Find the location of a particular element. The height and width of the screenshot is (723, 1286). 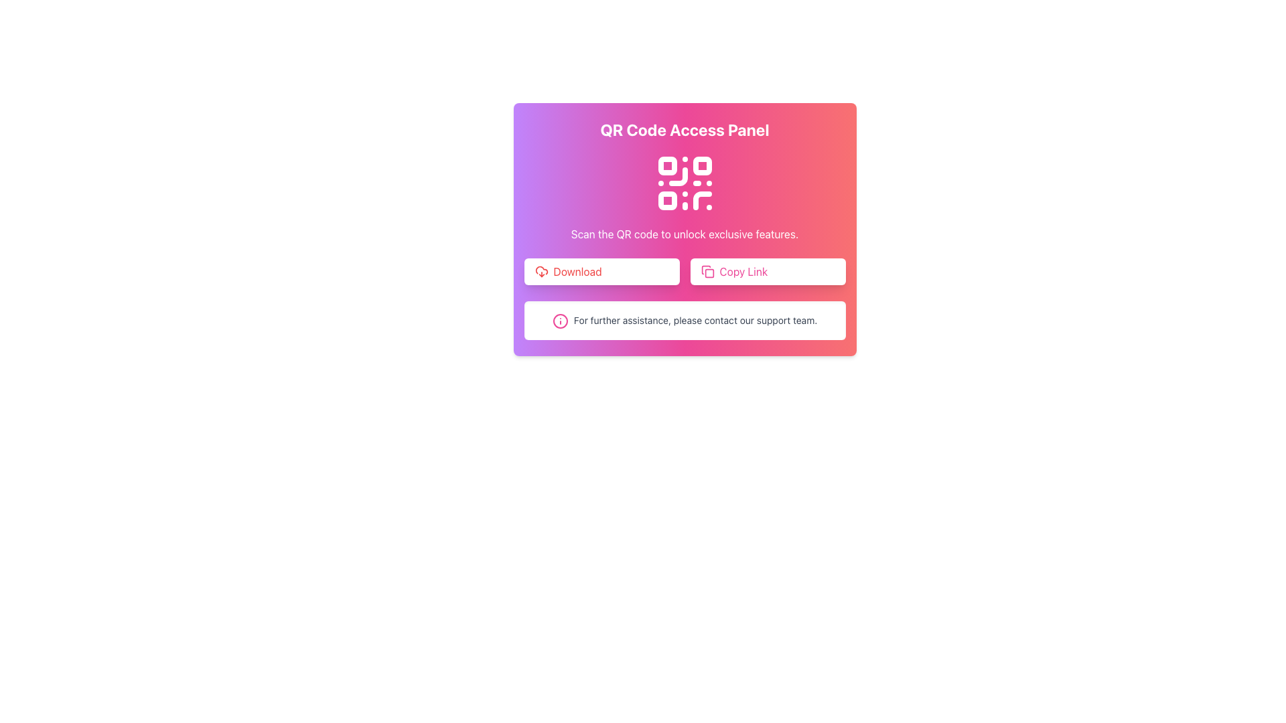

the 'Copy Link' button, which is the right button in a pair of interactive buttons labeled 'Download' and 'Copy Link', to copy a link to the clipboard is located at coordinates (685, 271).